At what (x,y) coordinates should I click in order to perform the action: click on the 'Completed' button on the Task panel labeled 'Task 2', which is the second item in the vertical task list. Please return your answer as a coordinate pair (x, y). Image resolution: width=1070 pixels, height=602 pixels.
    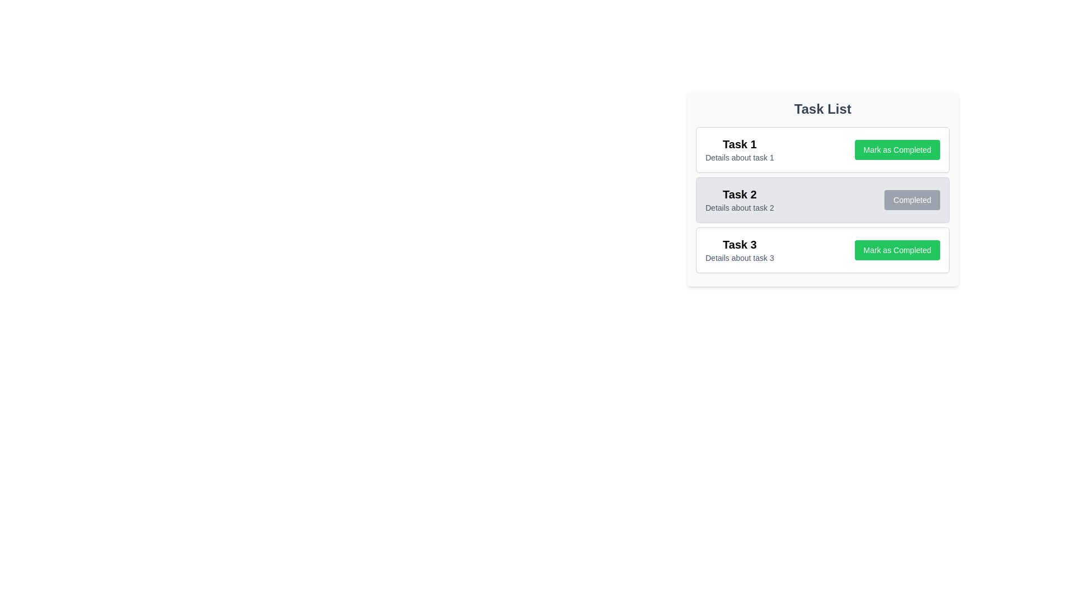
    Looking at the image, I should click on (823, 188).